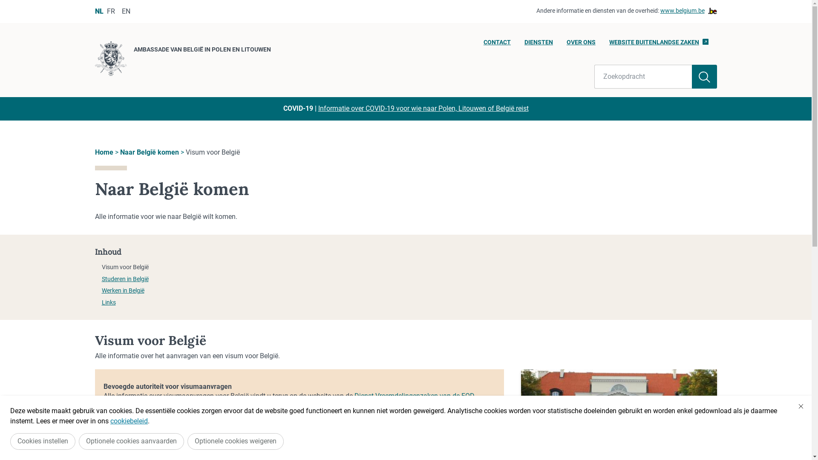 This screenshot has width=818, height=460. What do you see at coordinates (42, 441) in the screenshot?
I see `'Cookies instellen'` at bounding box center [42, 441].